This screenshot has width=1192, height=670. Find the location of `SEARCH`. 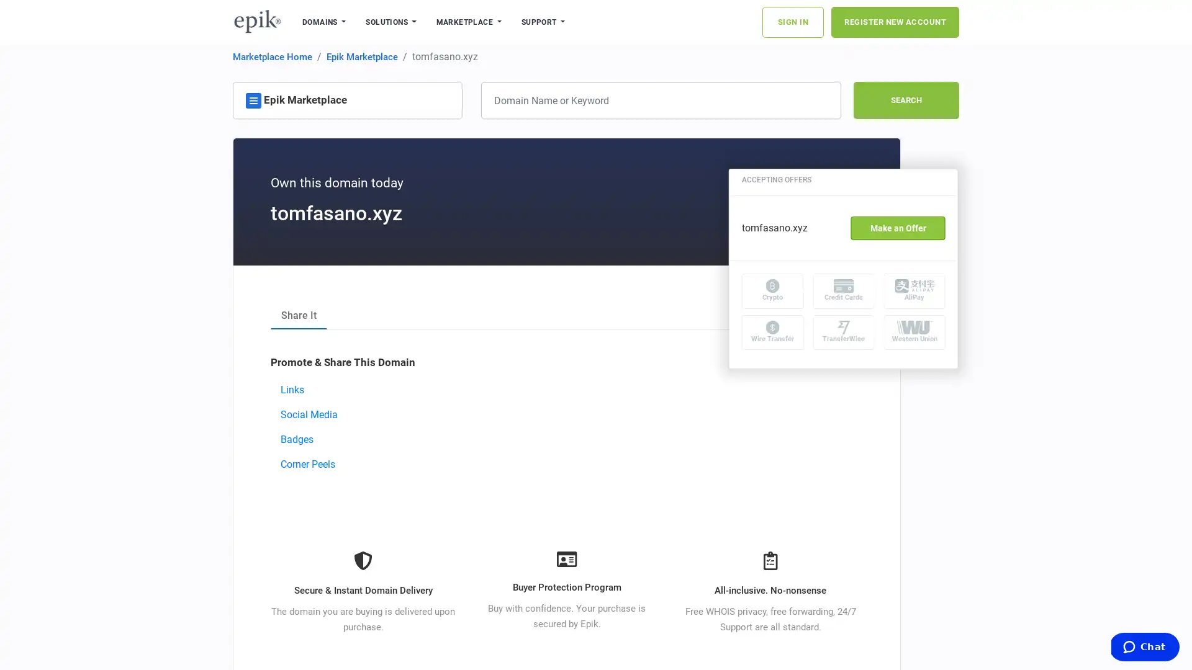

SEARCH is located at coordinates (906, 100).